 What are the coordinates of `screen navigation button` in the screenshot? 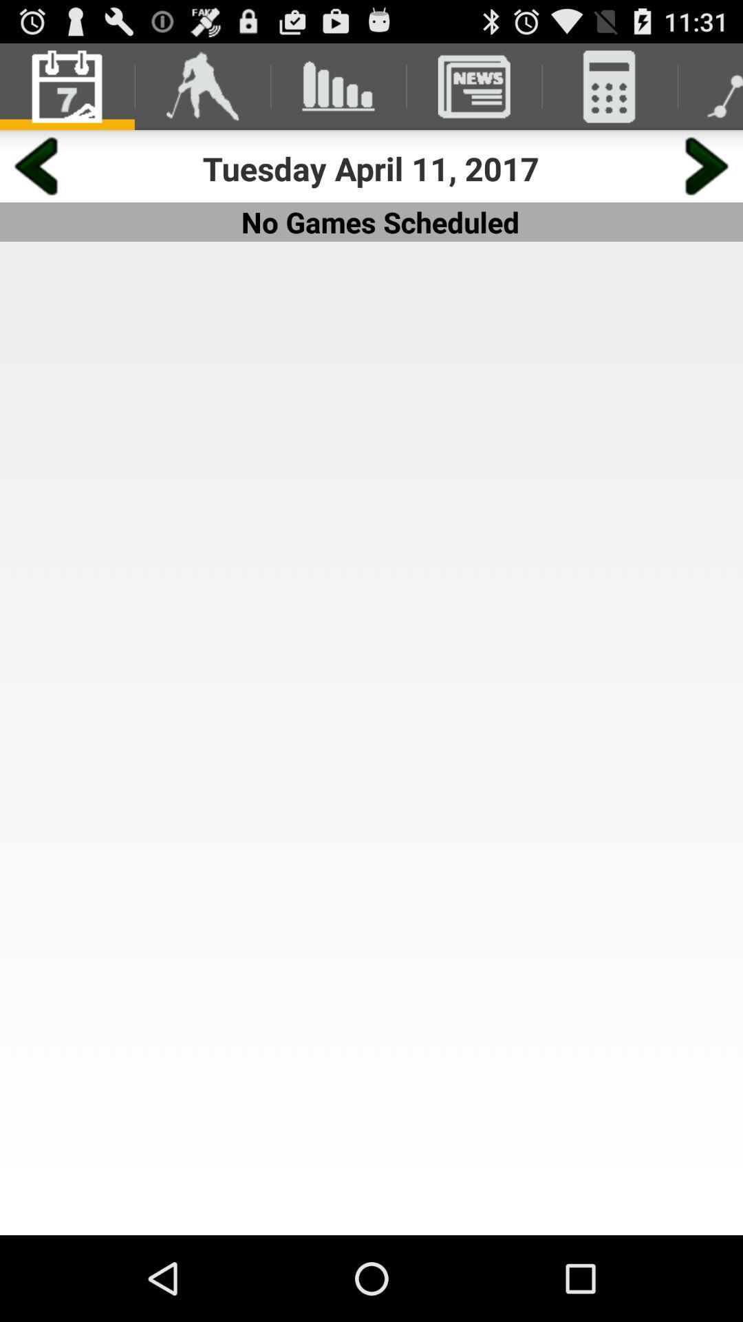 It's located at (707, 165).